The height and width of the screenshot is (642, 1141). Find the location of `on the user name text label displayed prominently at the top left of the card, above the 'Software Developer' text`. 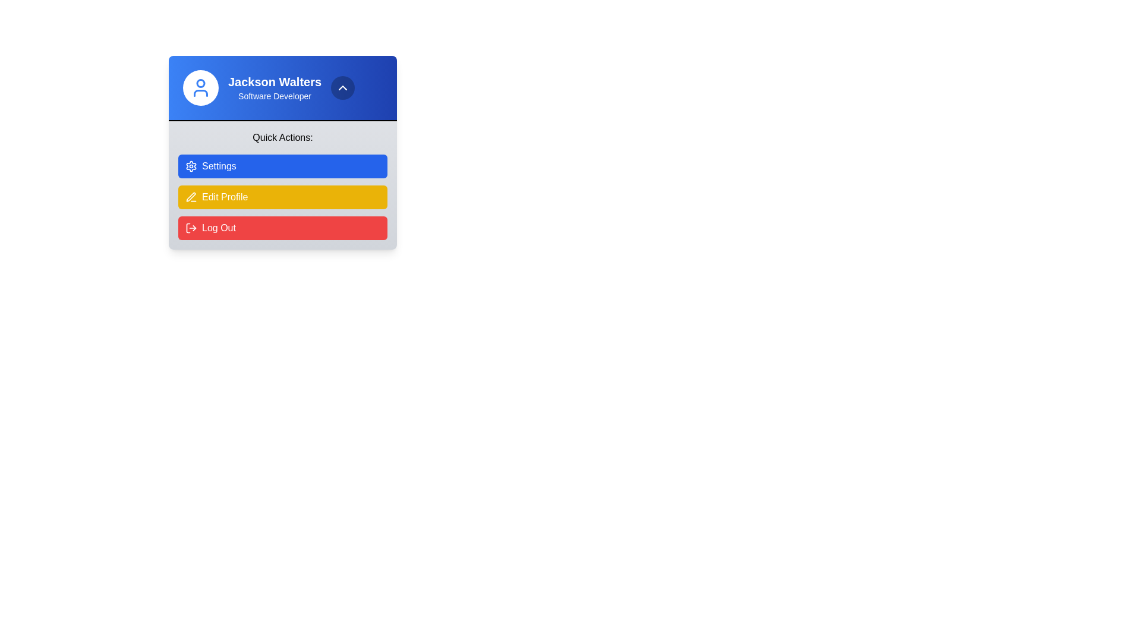

on the user name text label displayed prominently at the top left of the card, above the 'Software Developer' text is located at coordinates (274, 81).